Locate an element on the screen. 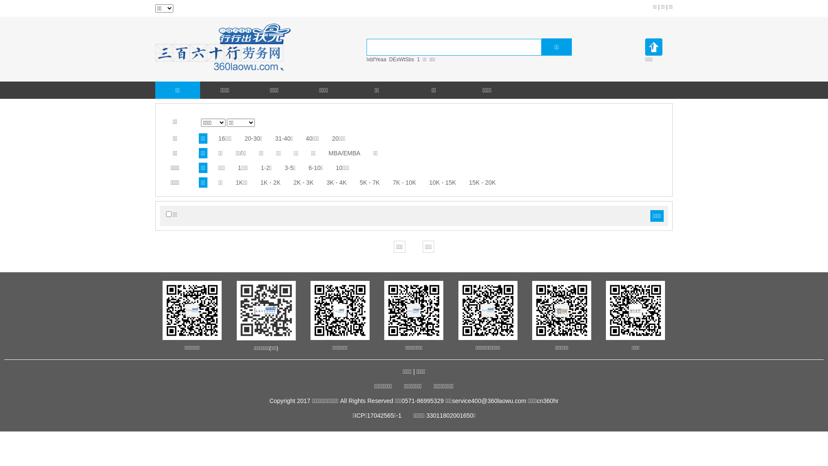 The width and height of the screenshot is (828, 466). '3K - 4K' is located at coordinates (326, 182).